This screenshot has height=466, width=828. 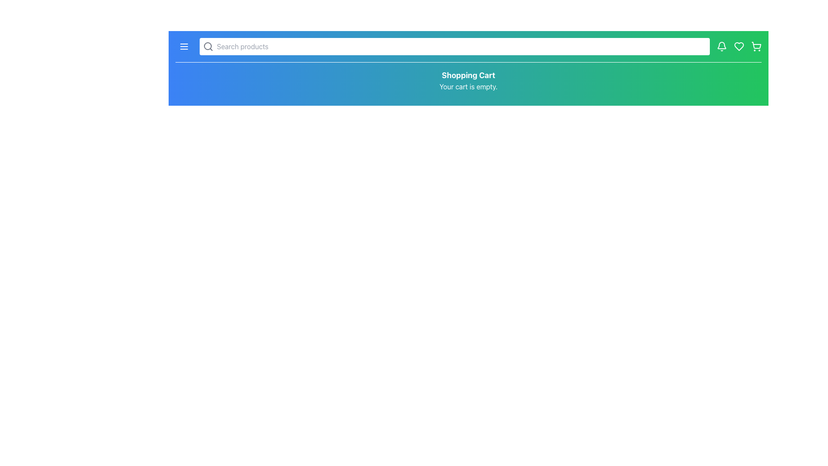 What do you see at coordinates (756, 45) in the screenshot?
I see `the shopping cart icon located in the top-right corner of the header section` at bounding box center [756, 45].